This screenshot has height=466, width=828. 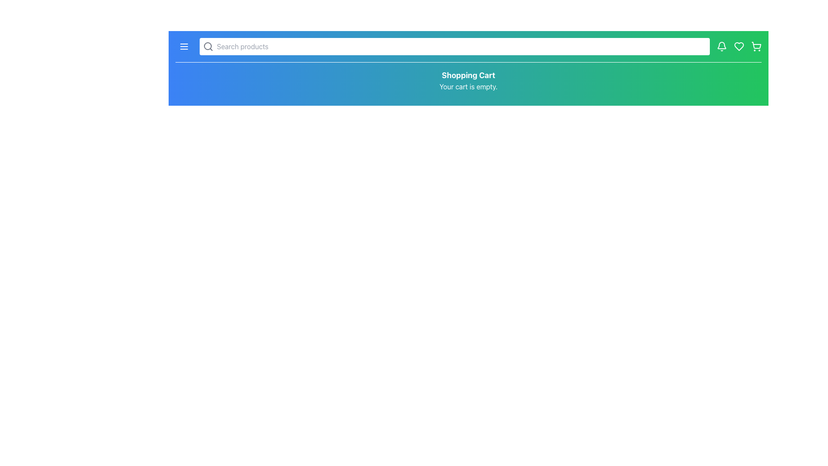 What do you see at coordinates (756, 45) in the screenshot?
I see `the shopping cart icon located in the top-right corner of the header section` at bounding box center [756, 45].